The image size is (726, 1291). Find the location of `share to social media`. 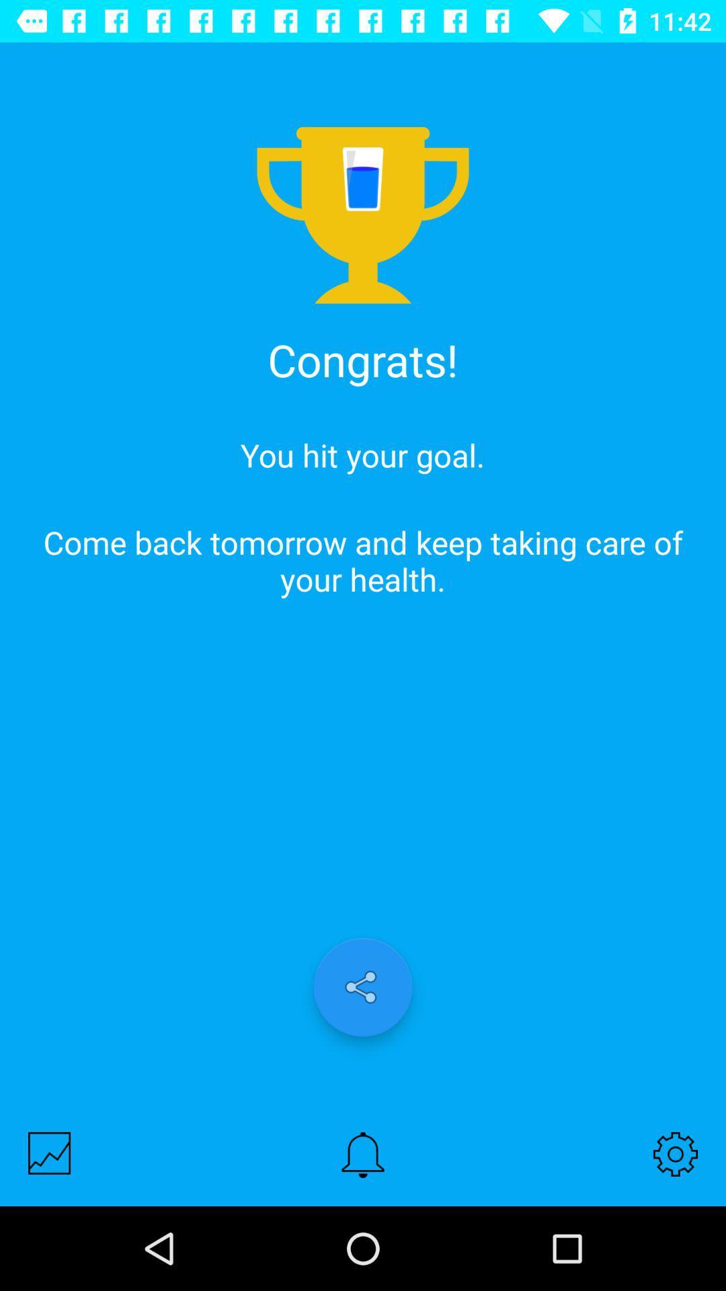

share to social media is located at coordinates (363, 987).